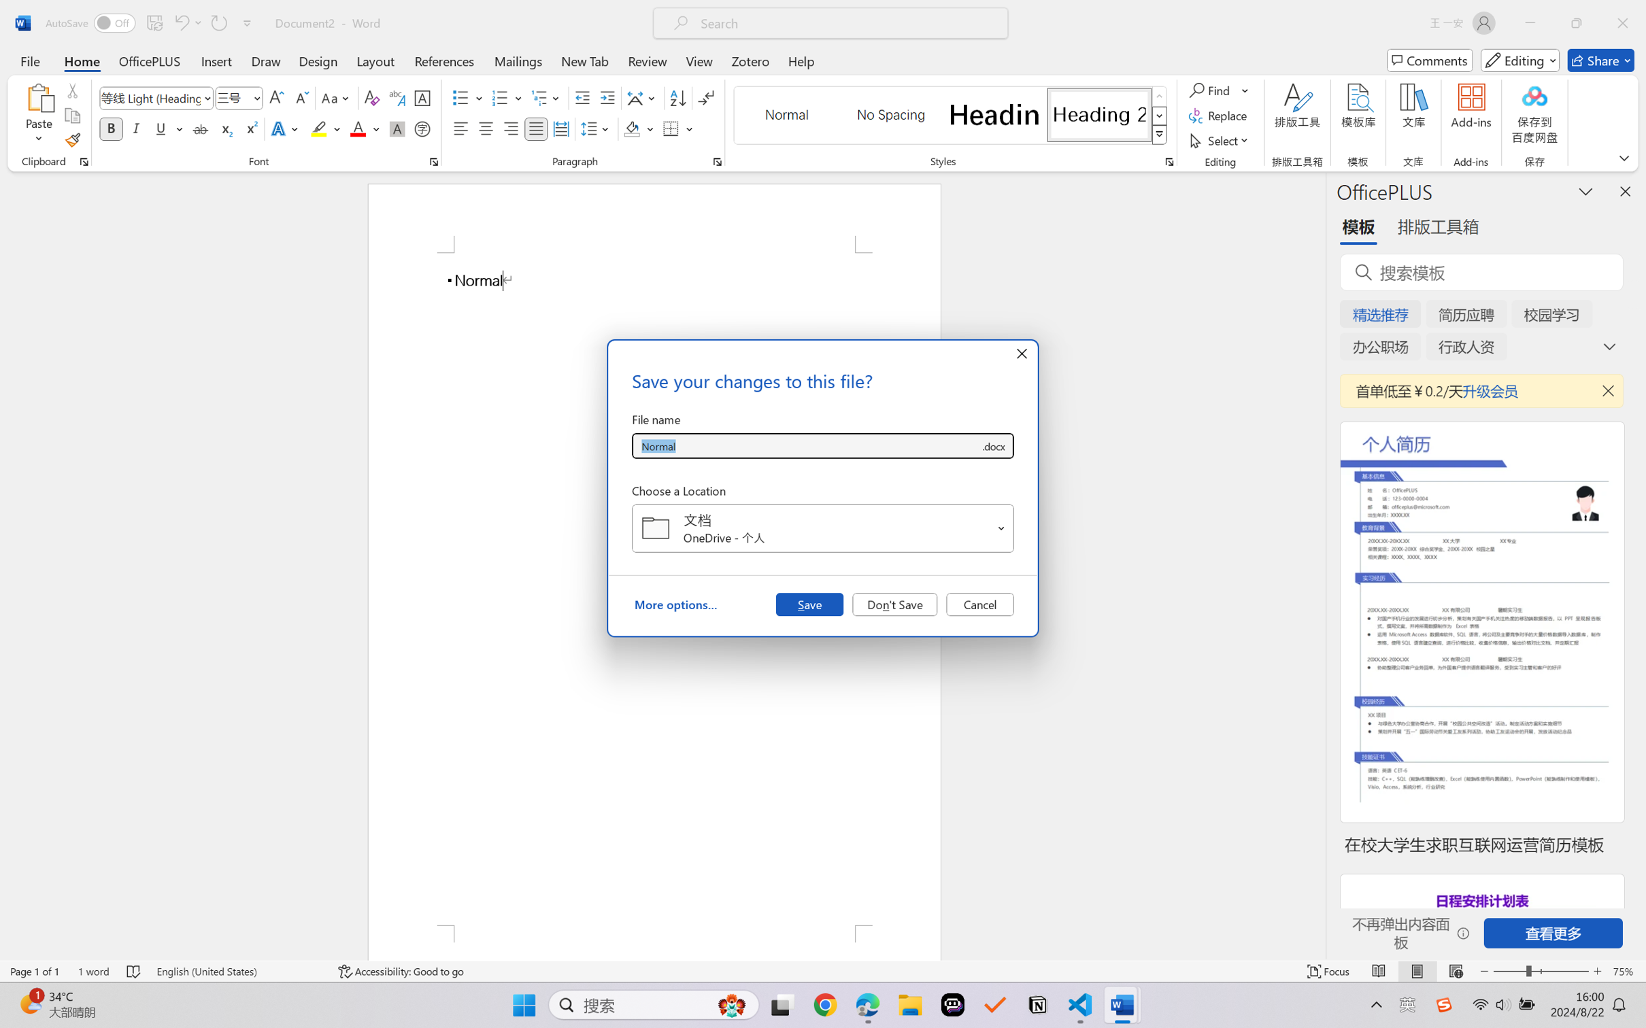 The width and height of the screenshot is (1646, 1028). I want to click on 'Text Effects and Typography', so click(286, 128).